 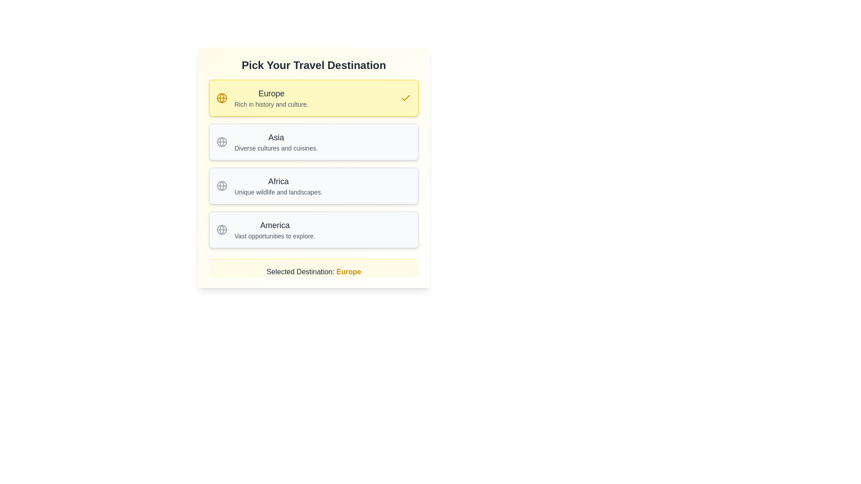 I want to click on the decorative icon representing 'America' located to the left of the text within the fourth selectable section of the travel destination list, so click(x=222, y=229).